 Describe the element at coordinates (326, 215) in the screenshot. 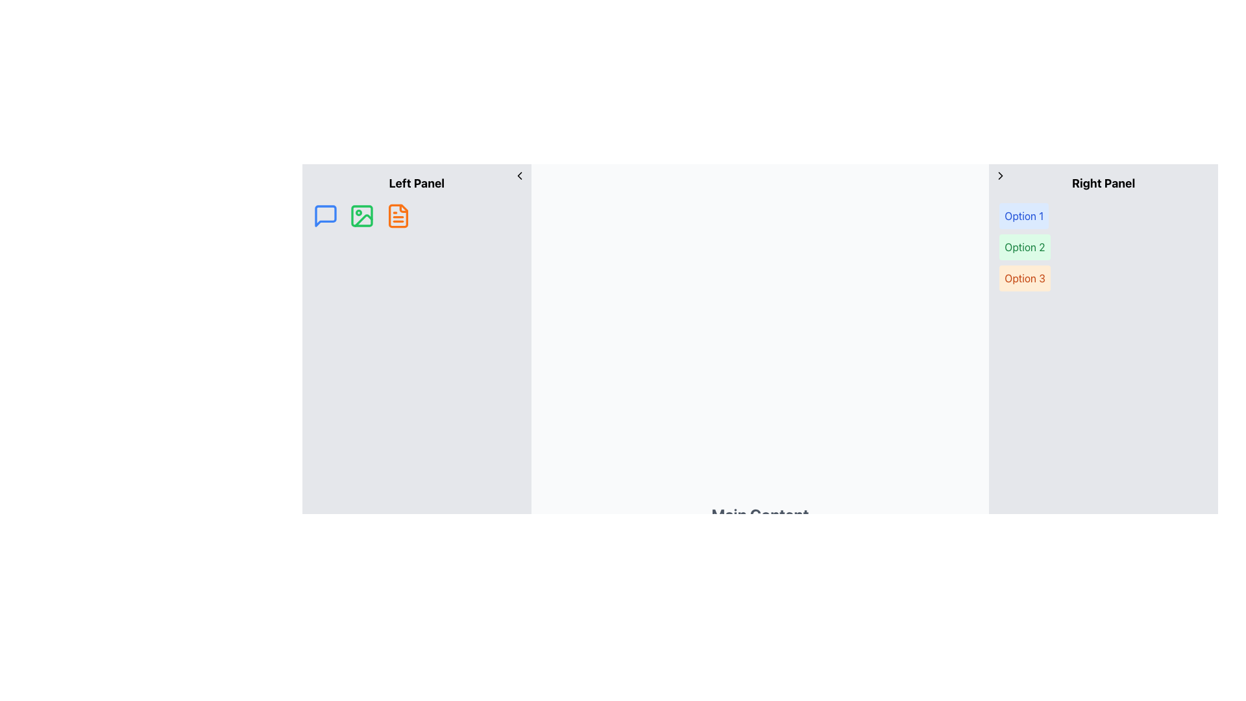

I see `the messaging icon located in the Left Panel interface, which is the first icon from the left` at that location.